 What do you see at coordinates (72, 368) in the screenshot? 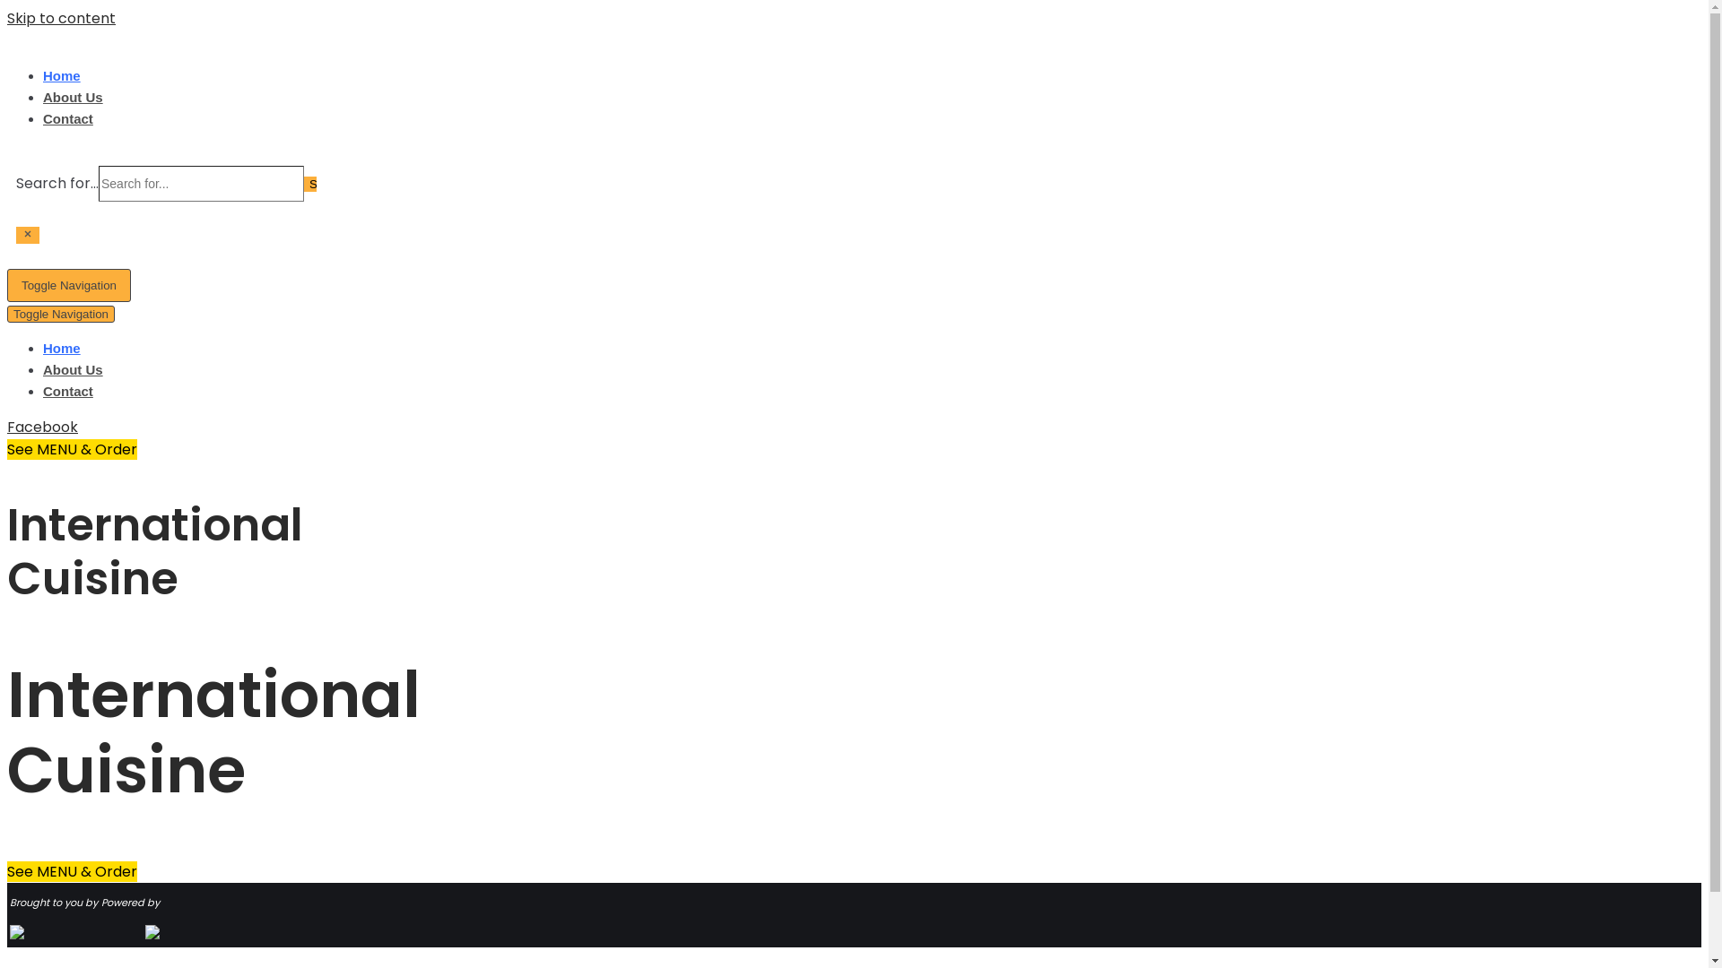
I see `'About Us'` at bounding box center [72, 368].